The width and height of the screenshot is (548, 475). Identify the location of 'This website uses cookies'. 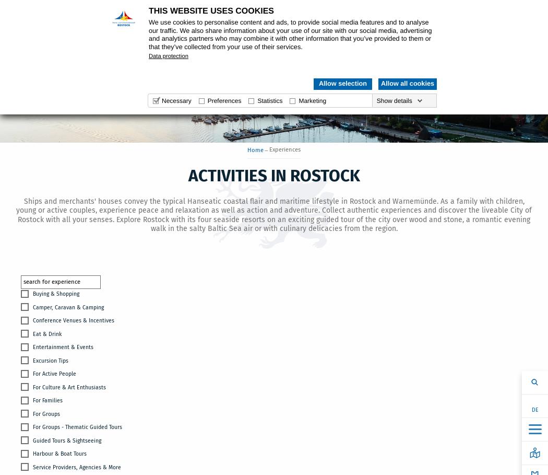
(211, 10).